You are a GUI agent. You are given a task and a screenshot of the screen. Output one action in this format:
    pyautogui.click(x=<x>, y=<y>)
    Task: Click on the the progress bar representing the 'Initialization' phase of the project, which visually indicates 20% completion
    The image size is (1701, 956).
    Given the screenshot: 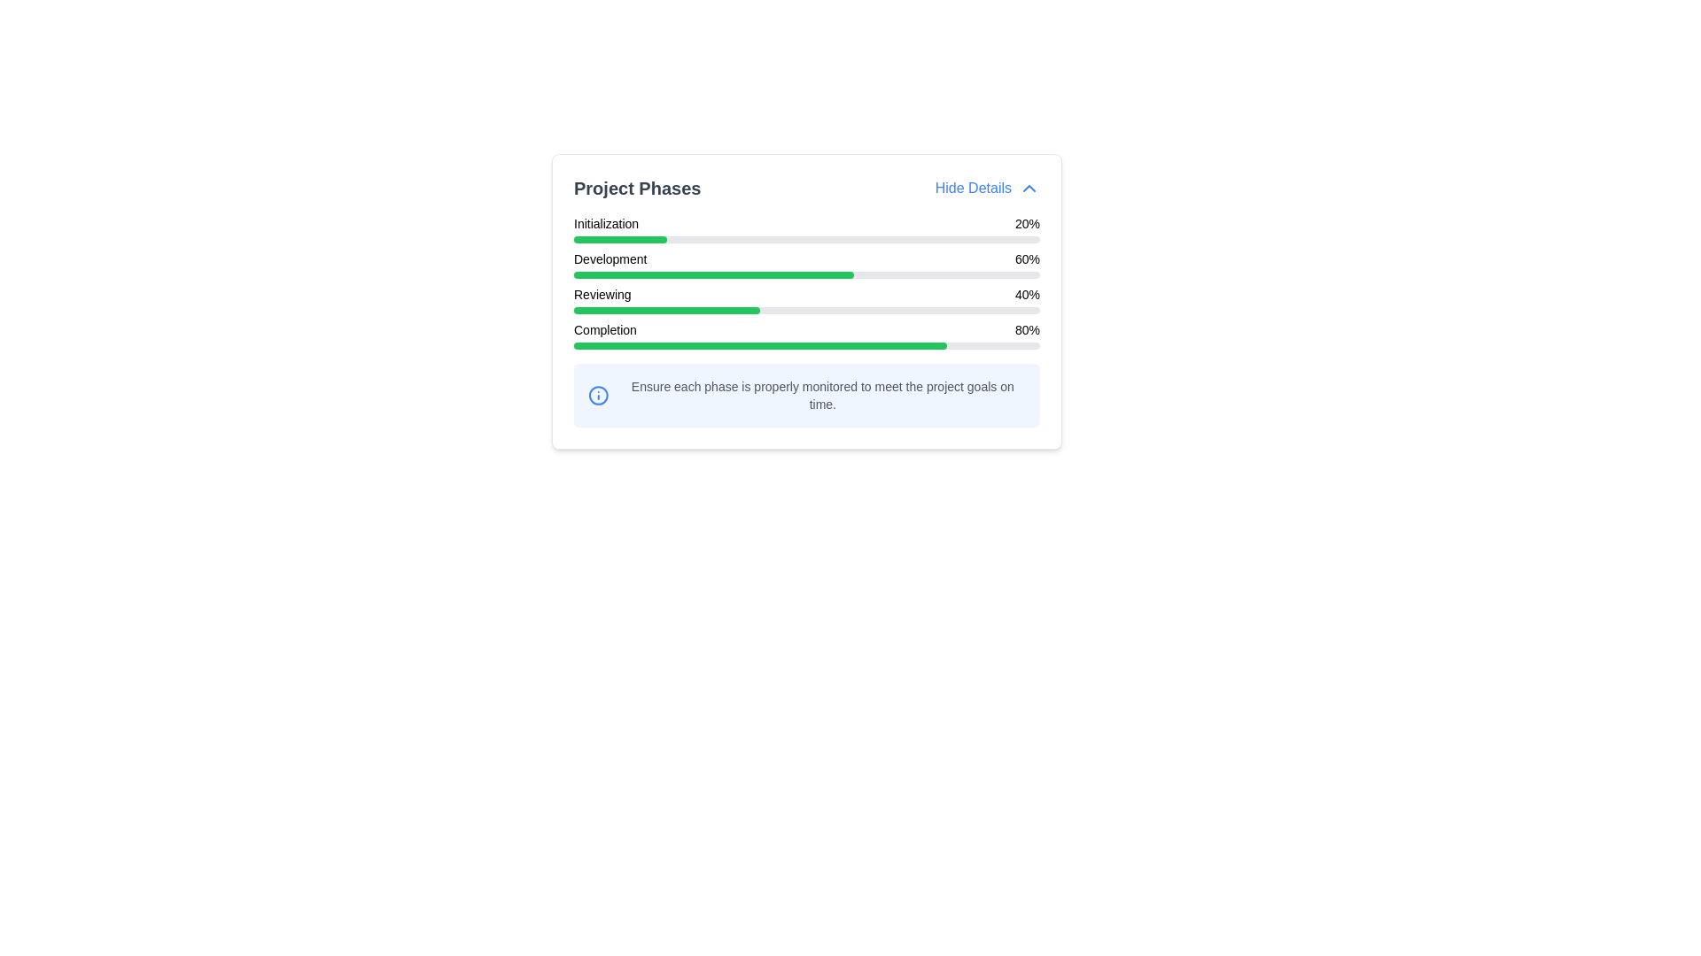 What is the action you would take?
    pyautogui.click(x=806, y=239)
    